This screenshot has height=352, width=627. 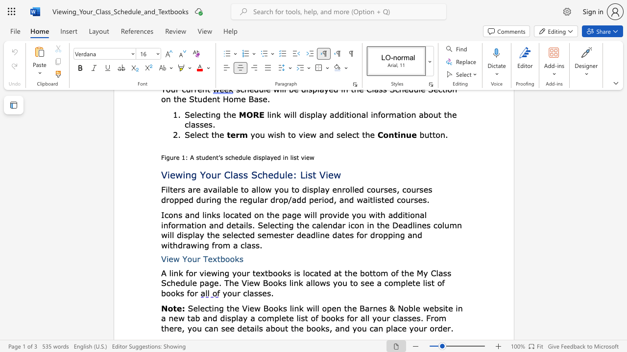 What do you see at coordinates (237, 273) in the screenshot?
I see `the subset text "our t" within the text "A link for viewing your textbooks is"` at bounding box center [237, 273].